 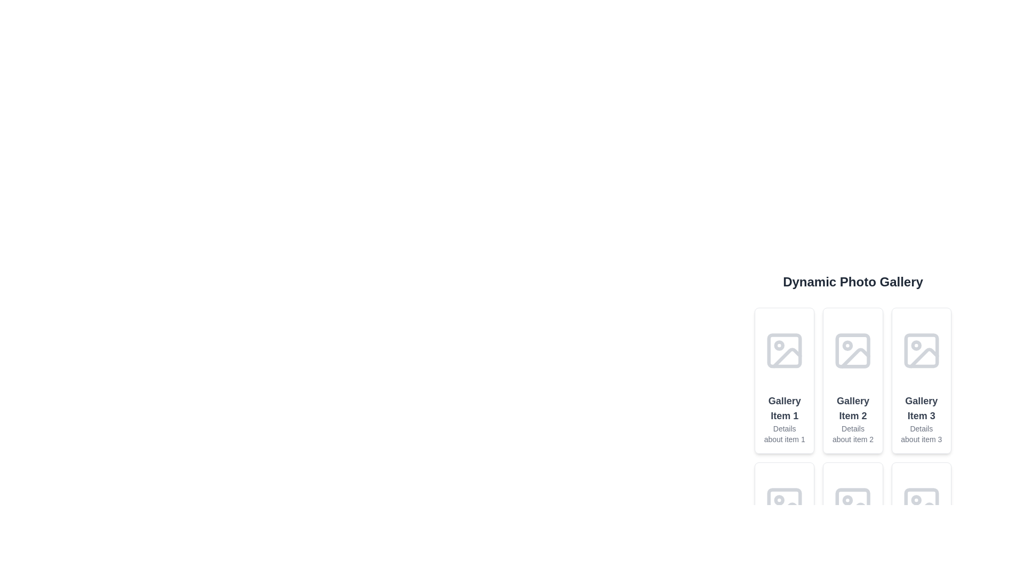 What do you see at coordinates (784, 351) in the screenshot?
I see `the photo graphic icon located in the first gallery card under 'Dynamic Photo Gallery', positioned above the text 'Gallery Item 1'` at bounding box center [784, 351].